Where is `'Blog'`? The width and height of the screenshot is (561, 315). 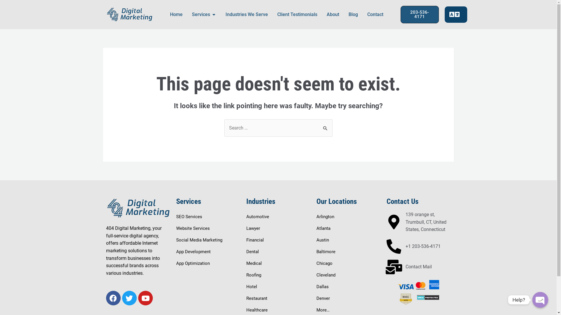 'Blog' is located at coordinates (353, 14).